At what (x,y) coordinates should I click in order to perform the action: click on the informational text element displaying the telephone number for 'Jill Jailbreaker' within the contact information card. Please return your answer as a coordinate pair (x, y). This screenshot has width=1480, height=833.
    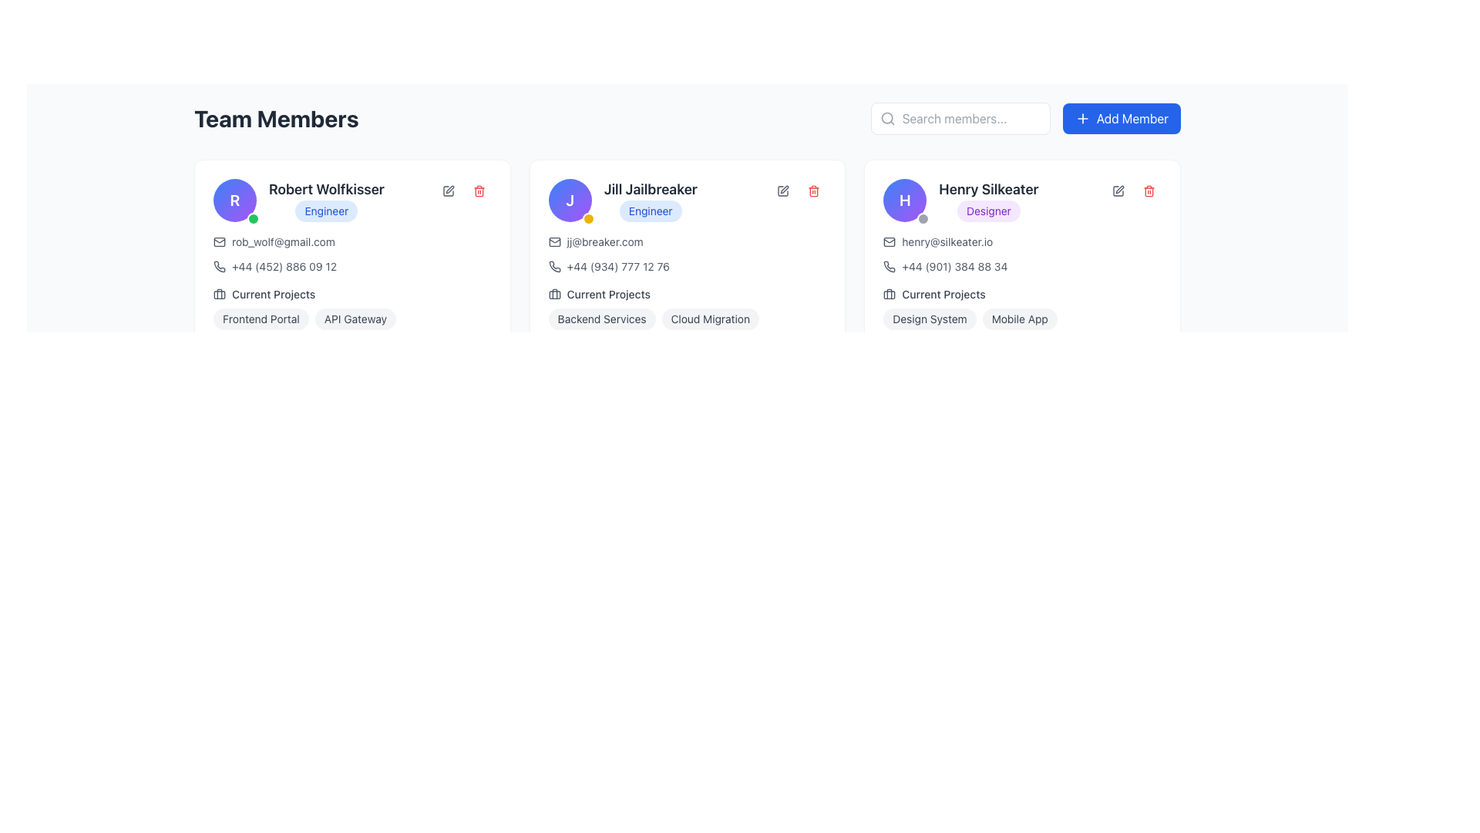
    Looking at the image, I should click on (618, 266).